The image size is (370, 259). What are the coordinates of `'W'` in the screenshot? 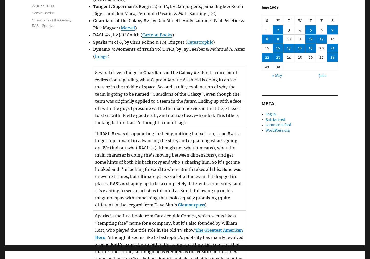 It's located at (298, 20).